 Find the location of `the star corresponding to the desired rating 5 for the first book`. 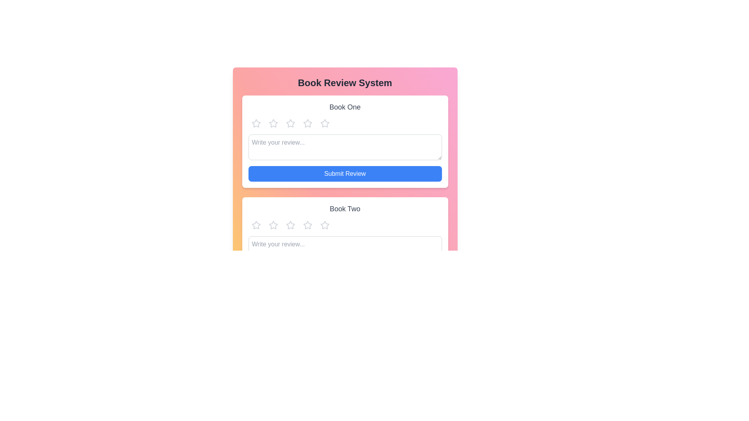

the star corresponding to the desired rating 5 for the first book is located at coordinates (325, 123).